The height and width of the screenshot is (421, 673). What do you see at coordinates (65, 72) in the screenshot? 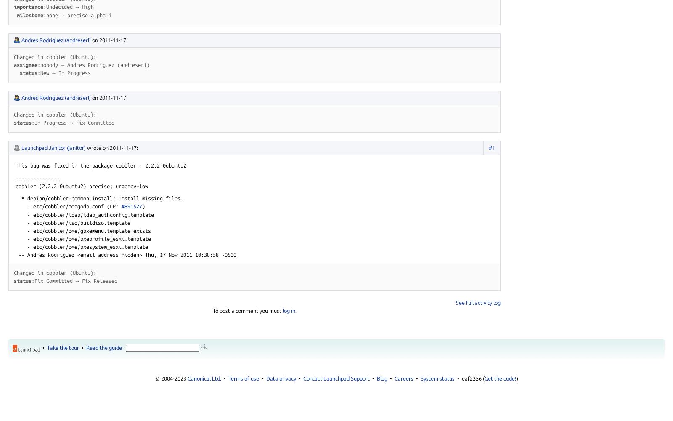
I see `'New → In Progress'` at bounding box center [65, 72].